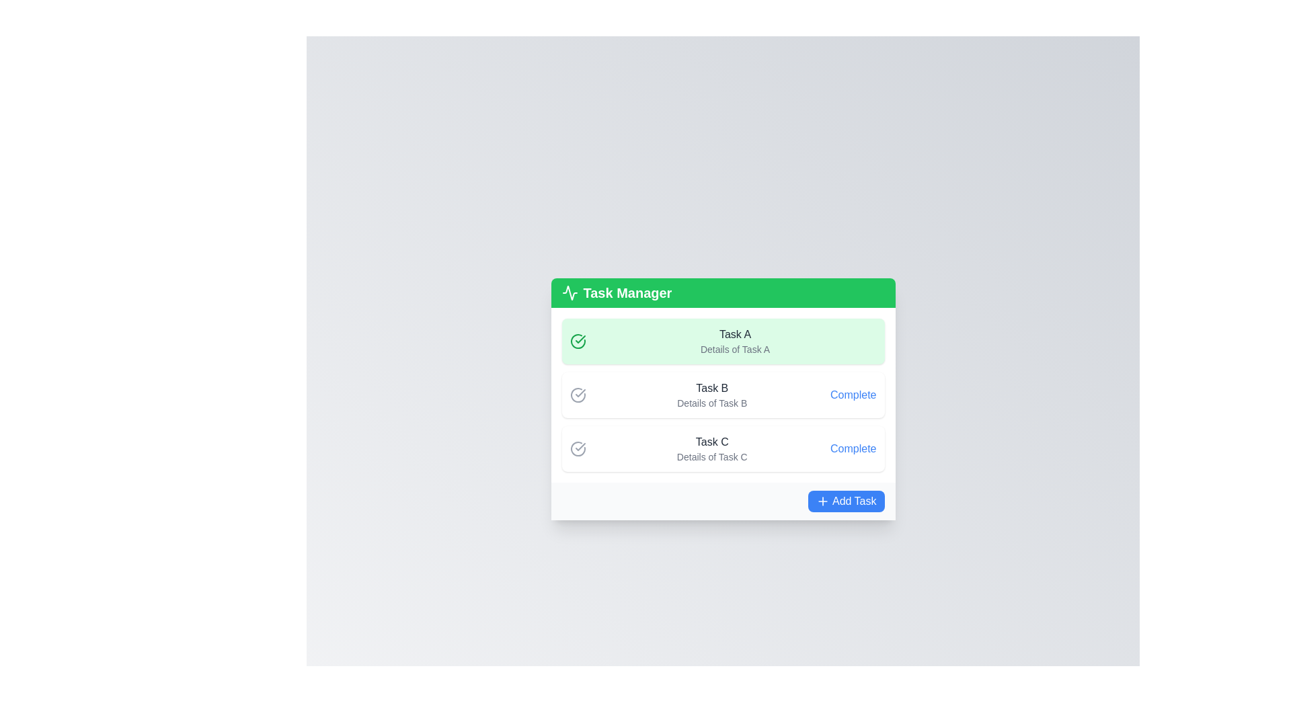  I want to click on the text block displaying the title 'Task C' and its description 'Details of Task C' in the task management interface, located below 'Task A' and 'Task B', so click(711, 448).